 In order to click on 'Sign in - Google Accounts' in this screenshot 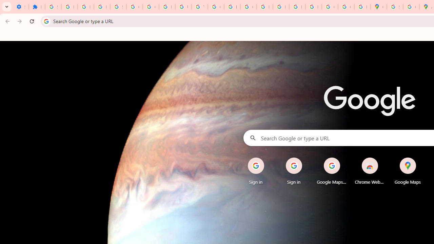, I will do `click(53, 7)`.